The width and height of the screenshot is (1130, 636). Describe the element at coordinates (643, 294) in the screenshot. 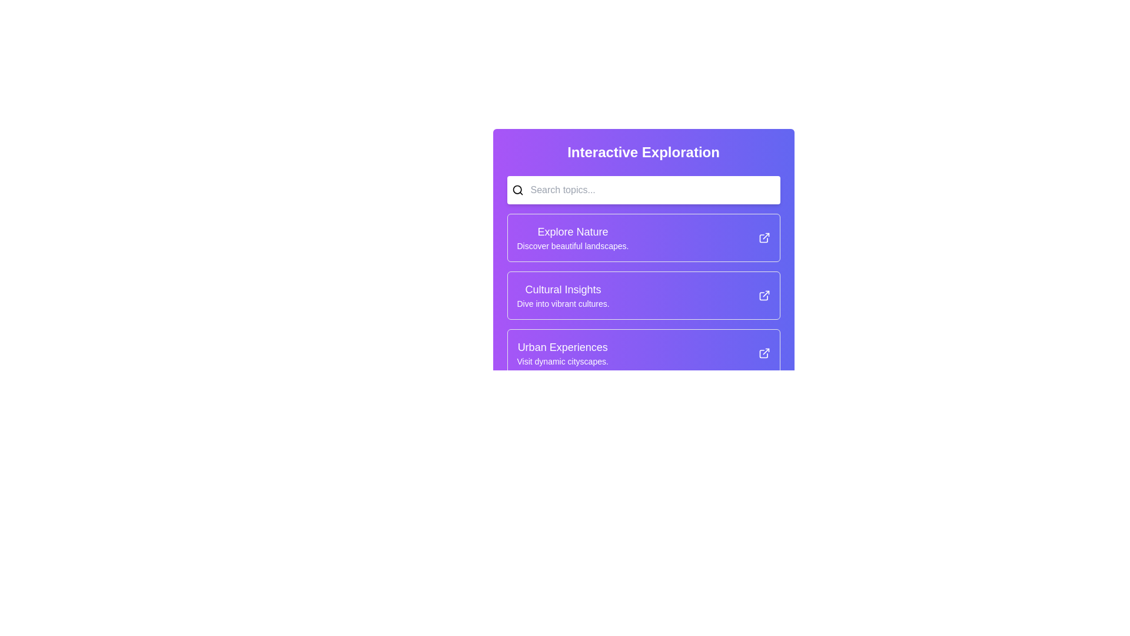

I see `the Interactive link component located at the center of the second card in a vertical list of options` at that location.